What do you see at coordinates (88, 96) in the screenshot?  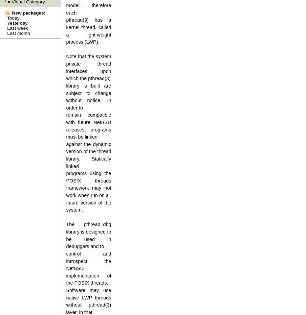 I see `'library is built are subject to change without notice.  In order to'` at bounding box center [88, 96].